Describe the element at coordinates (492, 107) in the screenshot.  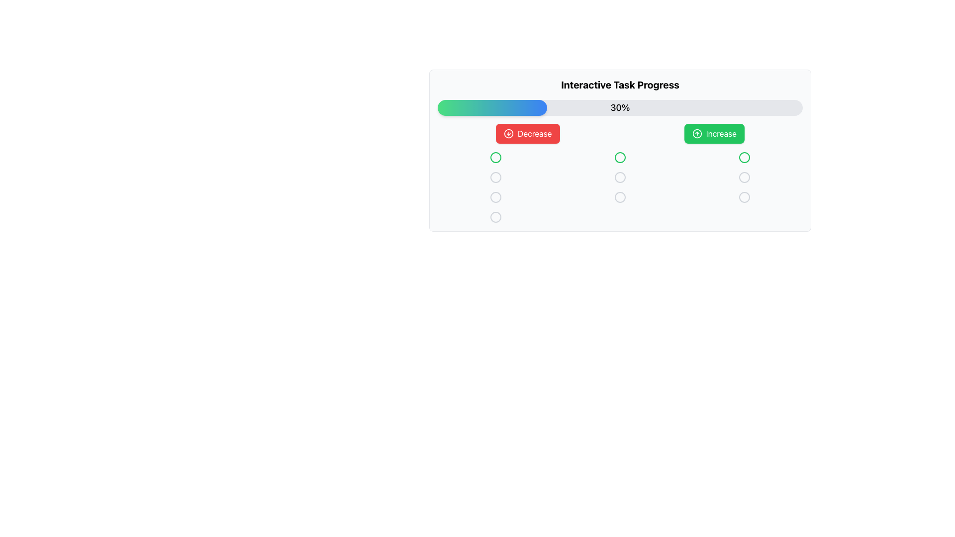
I see `the gradient-filled progress bar portion that transitions from green to blue, representing 30% of the progress` at that location.